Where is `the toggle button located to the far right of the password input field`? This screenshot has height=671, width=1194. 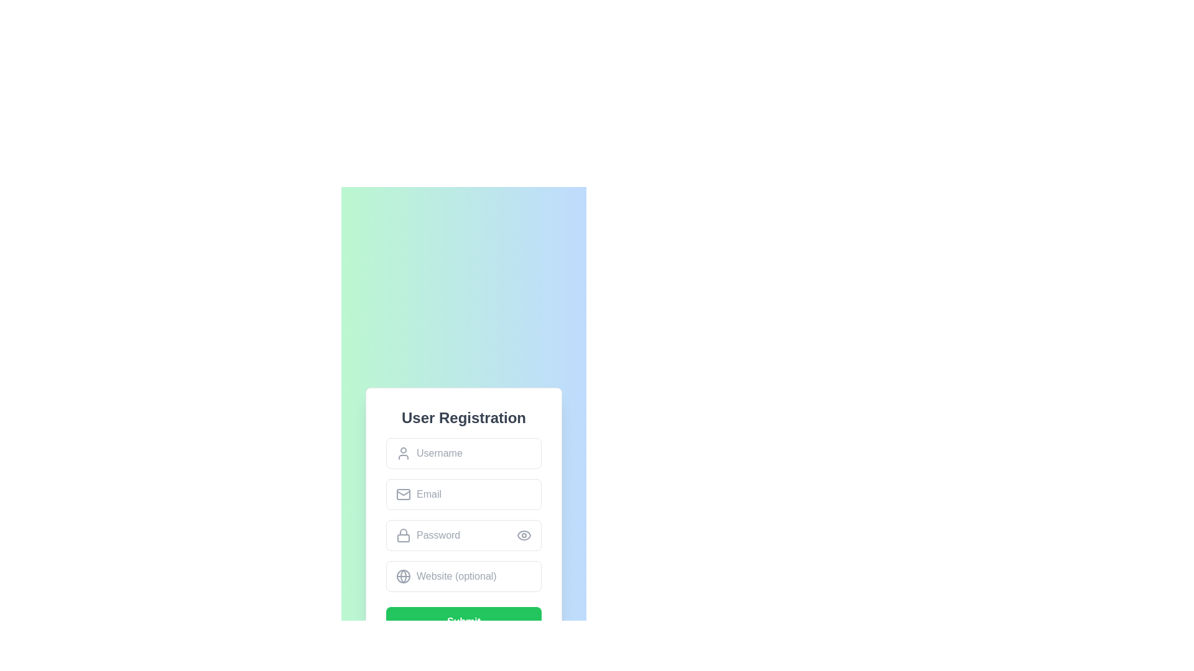 the toggle button located to the far right of the password input field is located at coordinates (524, 534).